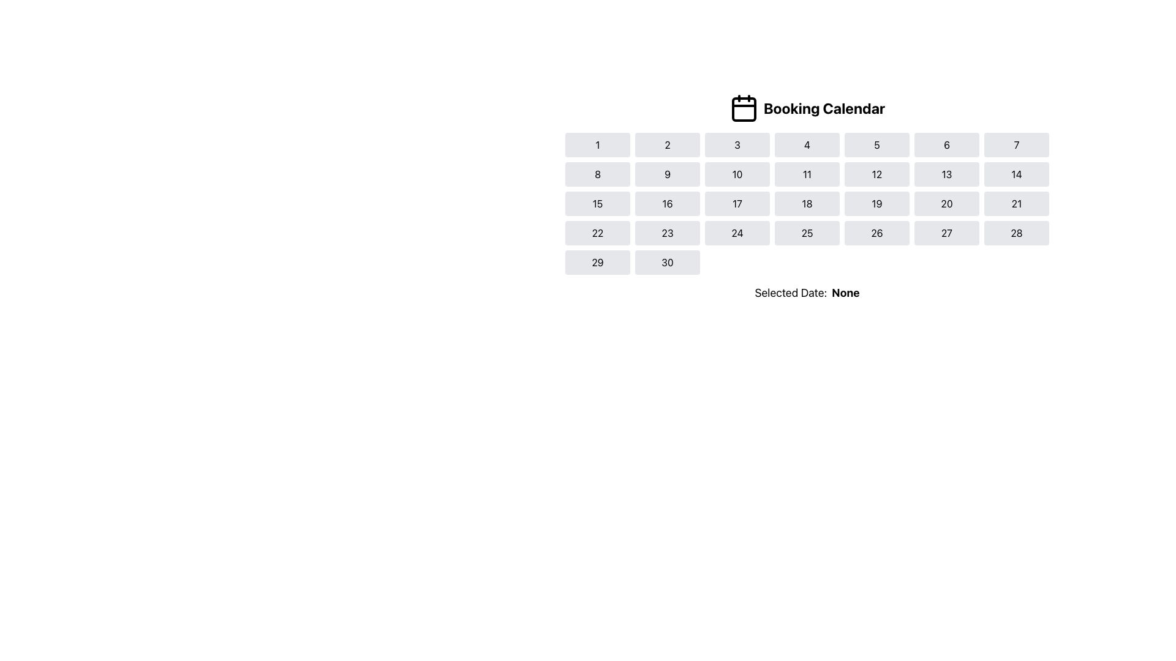 The image size is (1176, 661). Describe the element at coordinates (807, 197) in the screenshot. I see `the Interactive calendar component to confirm the selected date choice` at that location.